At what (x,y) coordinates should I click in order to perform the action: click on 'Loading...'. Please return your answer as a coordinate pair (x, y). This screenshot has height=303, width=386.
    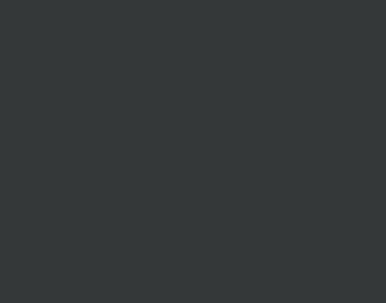
    Looking at the image, I should click on (180, 28).